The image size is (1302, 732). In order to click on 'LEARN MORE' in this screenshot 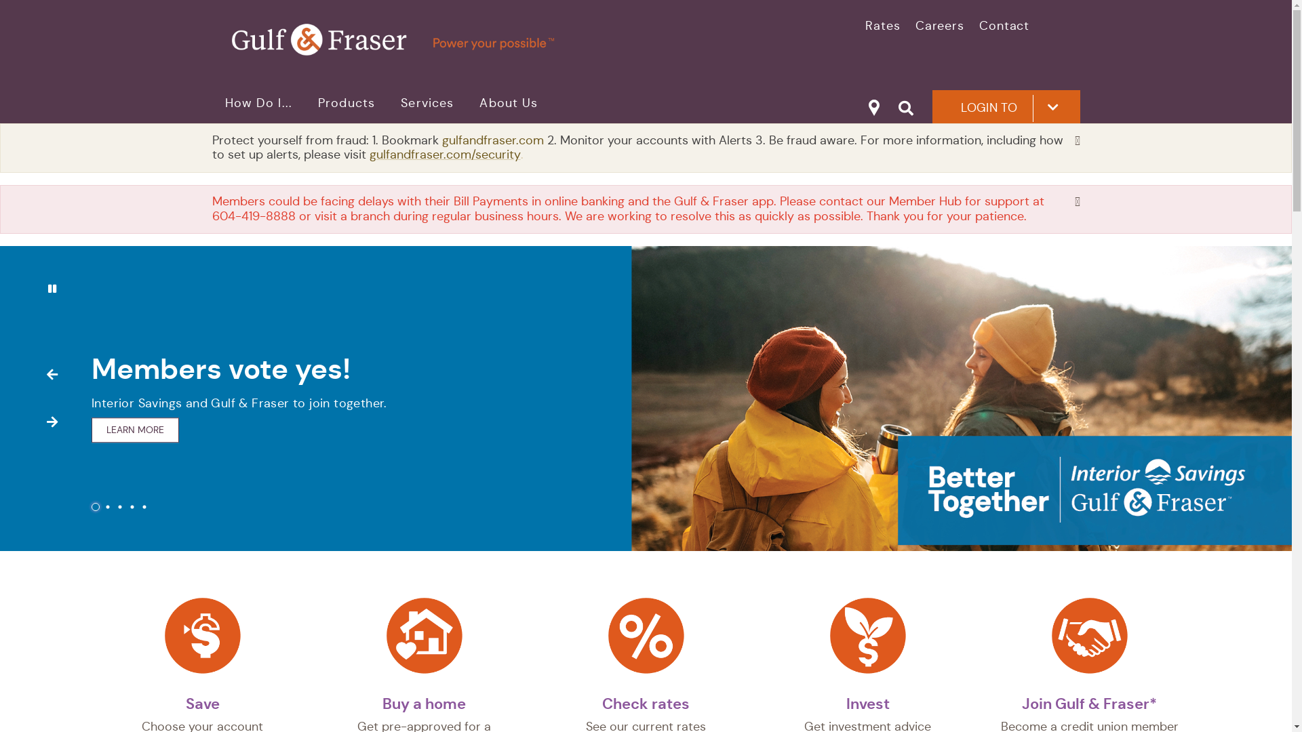, I will do `click(135, 453)`.